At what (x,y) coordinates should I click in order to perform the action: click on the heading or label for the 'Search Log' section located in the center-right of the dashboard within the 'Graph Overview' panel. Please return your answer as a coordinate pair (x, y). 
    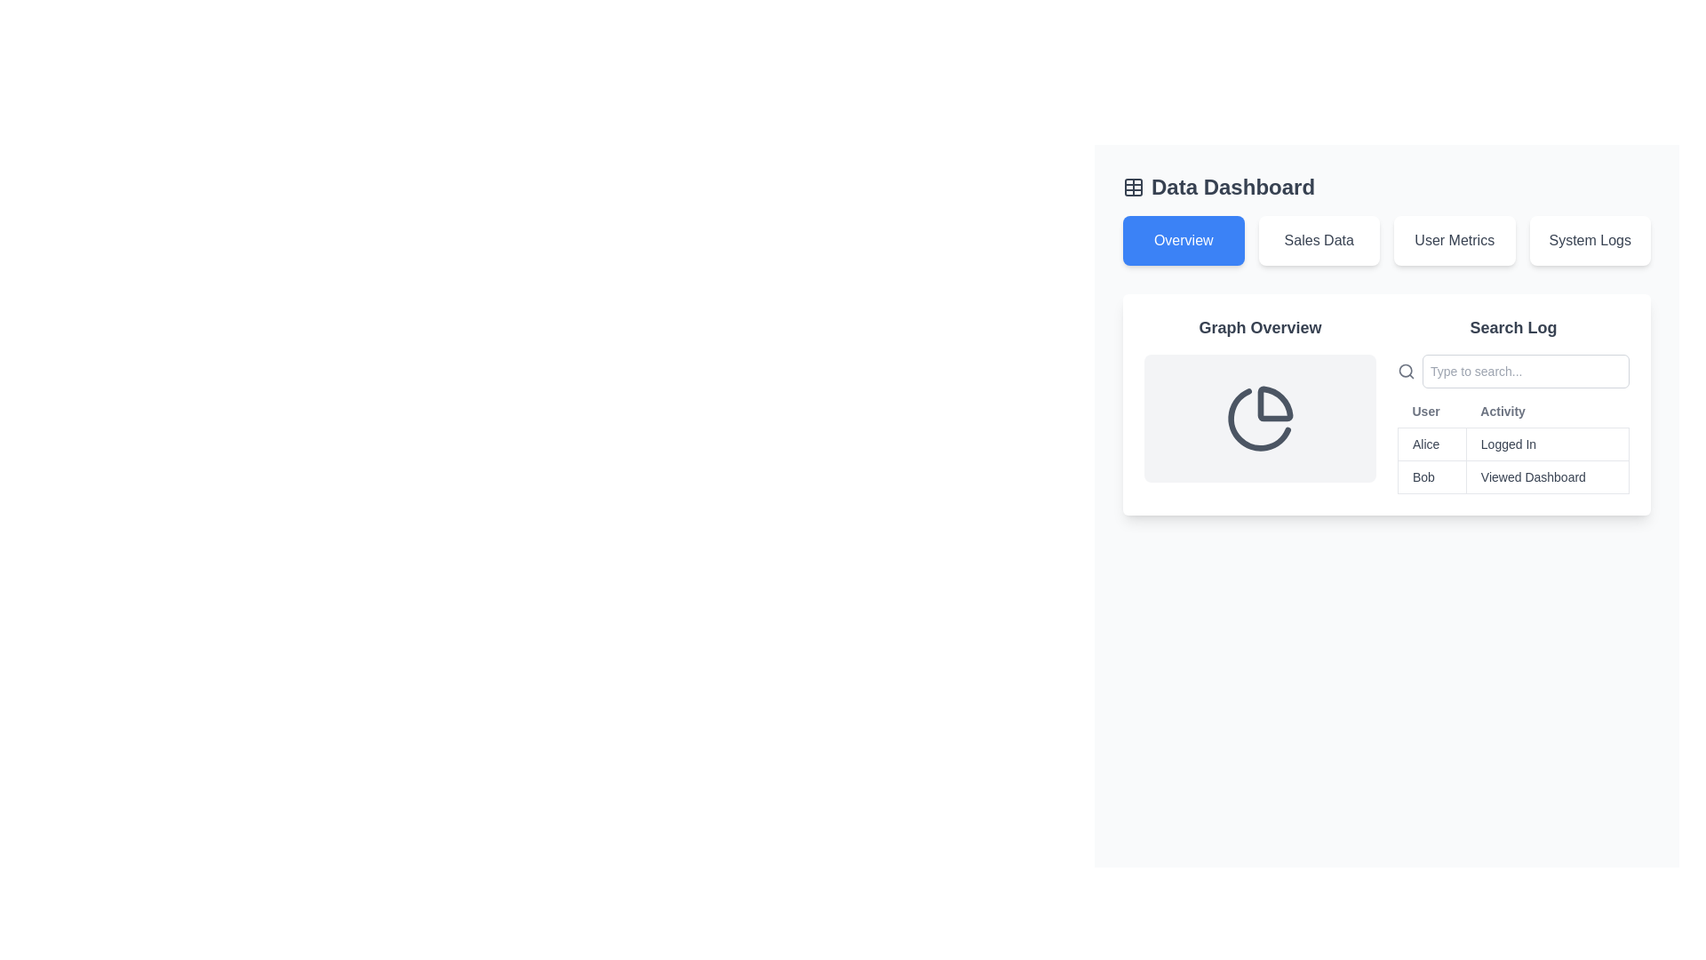
    Looking at the image, I should click on (1512, 328).